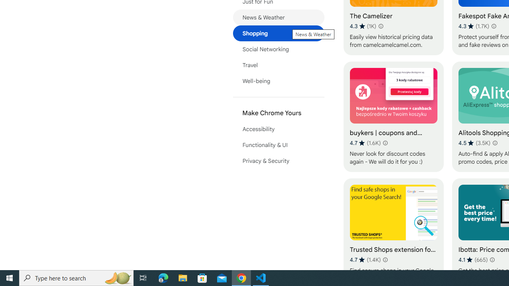  I want to click on 'Social Networking', so click(278, 49).